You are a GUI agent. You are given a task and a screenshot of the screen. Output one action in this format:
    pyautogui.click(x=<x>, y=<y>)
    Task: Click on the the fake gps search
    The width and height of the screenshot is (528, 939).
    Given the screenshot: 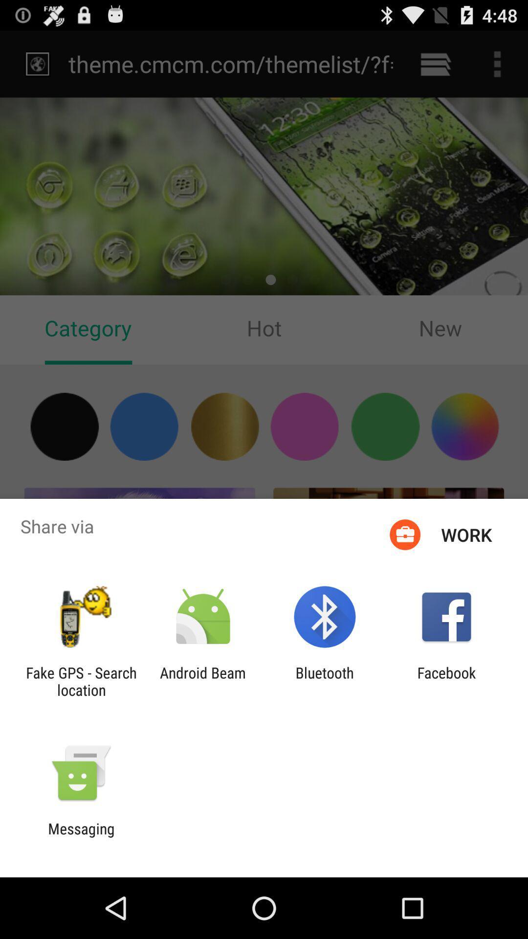 What is the action you would take?
    pyautogui.click(x=81, y=681)
    